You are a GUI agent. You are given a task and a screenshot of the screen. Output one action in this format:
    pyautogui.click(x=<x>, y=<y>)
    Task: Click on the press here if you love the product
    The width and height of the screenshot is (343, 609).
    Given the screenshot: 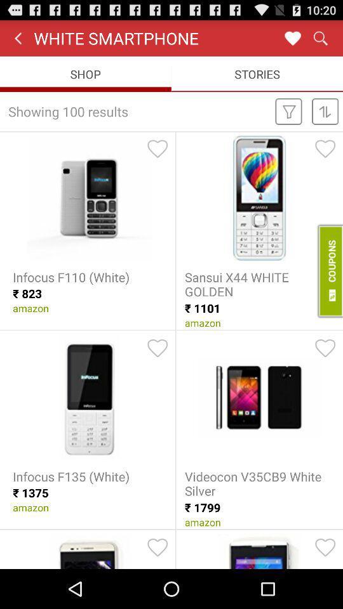 What is the action you would take?
    pyautogui.click(x=158, y=547)
    